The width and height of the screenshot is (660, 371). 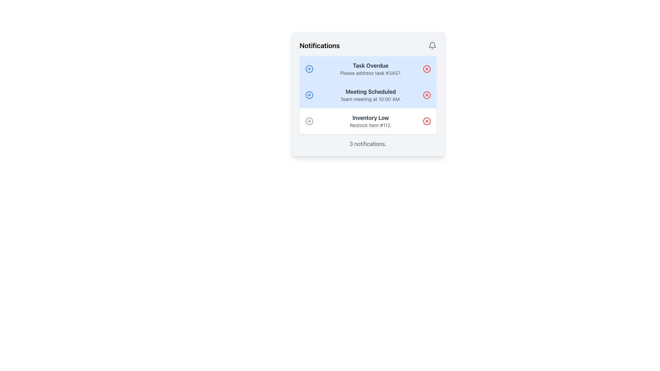 What do you see at coordinates (426, 121) in the screenshot?
I see `the dismiss button located at the right edge of the 'Inventory Low' notification card` at bounding box center [426, 121].